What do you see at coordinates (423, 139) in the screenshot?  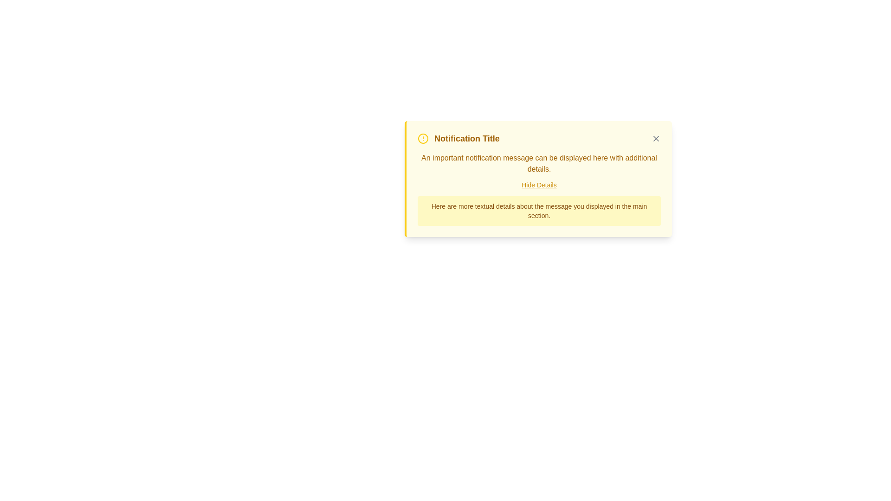 I see `the circular alert icon with a yellow border, located to the left of the notification title` at bounding box center [423, 139].